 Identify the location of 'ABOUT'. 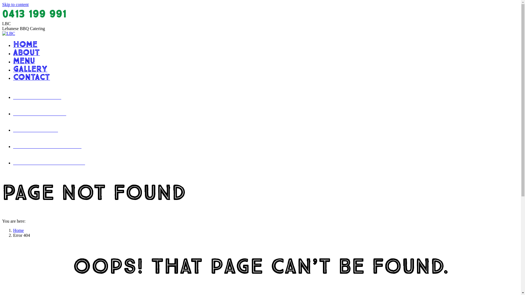
(26, 54).